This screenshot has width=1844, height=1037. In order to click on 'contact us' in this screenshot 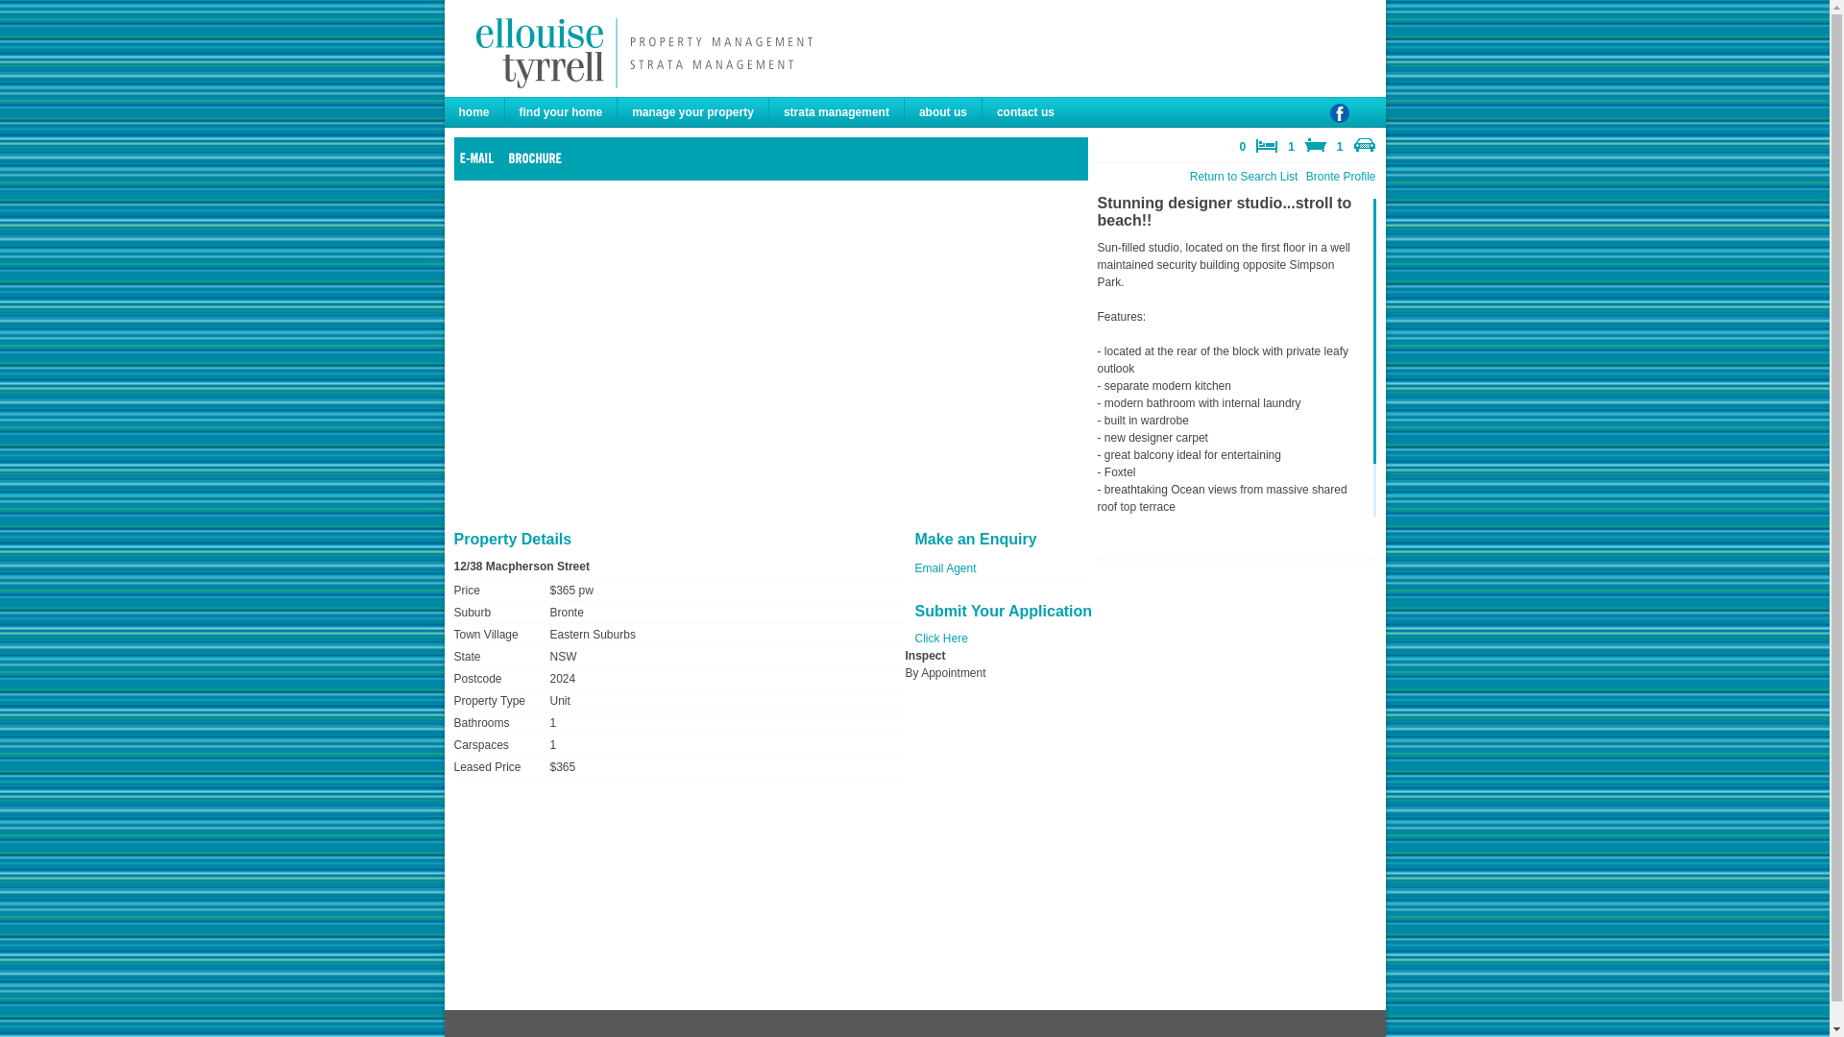, I will do `click(1025, 111)`.